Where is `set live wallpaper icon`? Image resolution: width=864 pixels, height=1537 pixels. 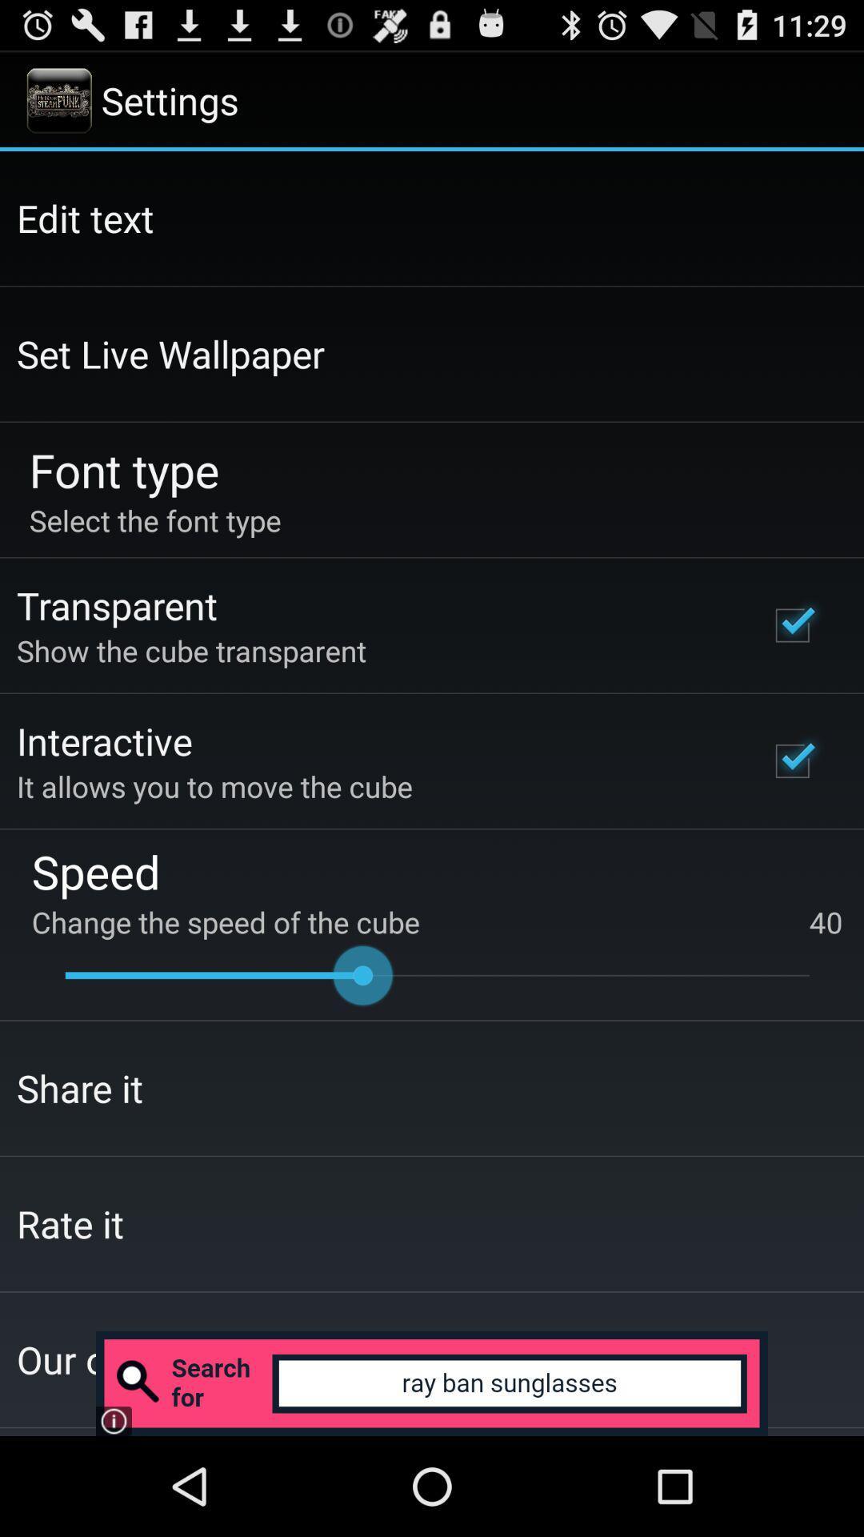 set live wallpaper icon is located at coordinates (170, 353).